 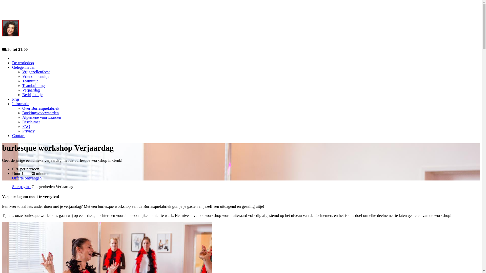 What do you see at coordinates (20, 103) in the screenshot?
I see `'Informatie'` at bounding box center [20, 103].